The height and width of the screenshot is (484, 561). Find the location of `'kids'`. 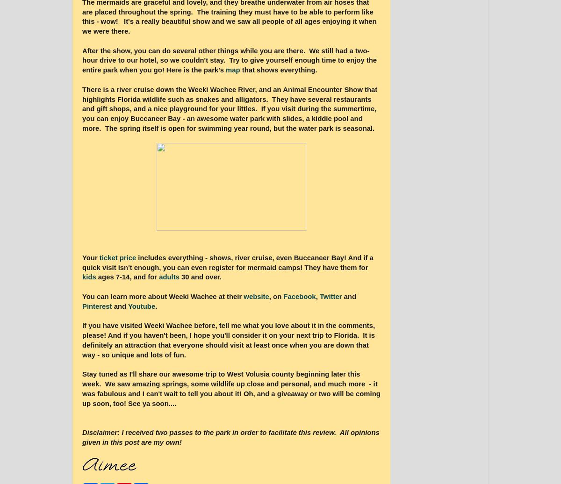

'kids' is located at coordinates (82, 277).